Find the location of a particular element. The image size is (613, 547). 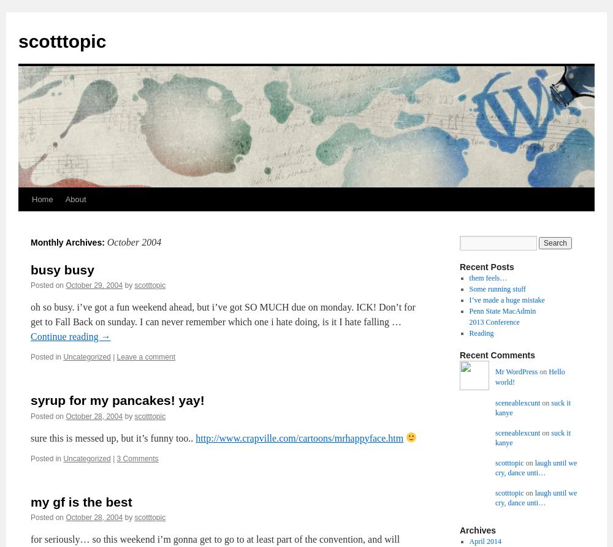

'my gf is the best' is located at coordinates (81, 500).